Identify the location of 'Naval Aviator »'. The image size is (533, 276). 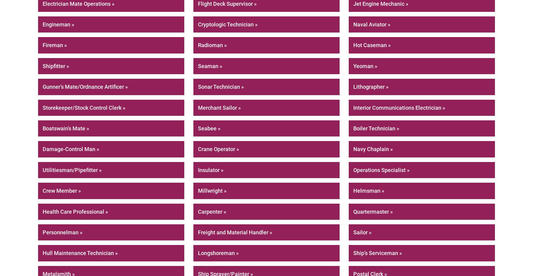
(372, 24).